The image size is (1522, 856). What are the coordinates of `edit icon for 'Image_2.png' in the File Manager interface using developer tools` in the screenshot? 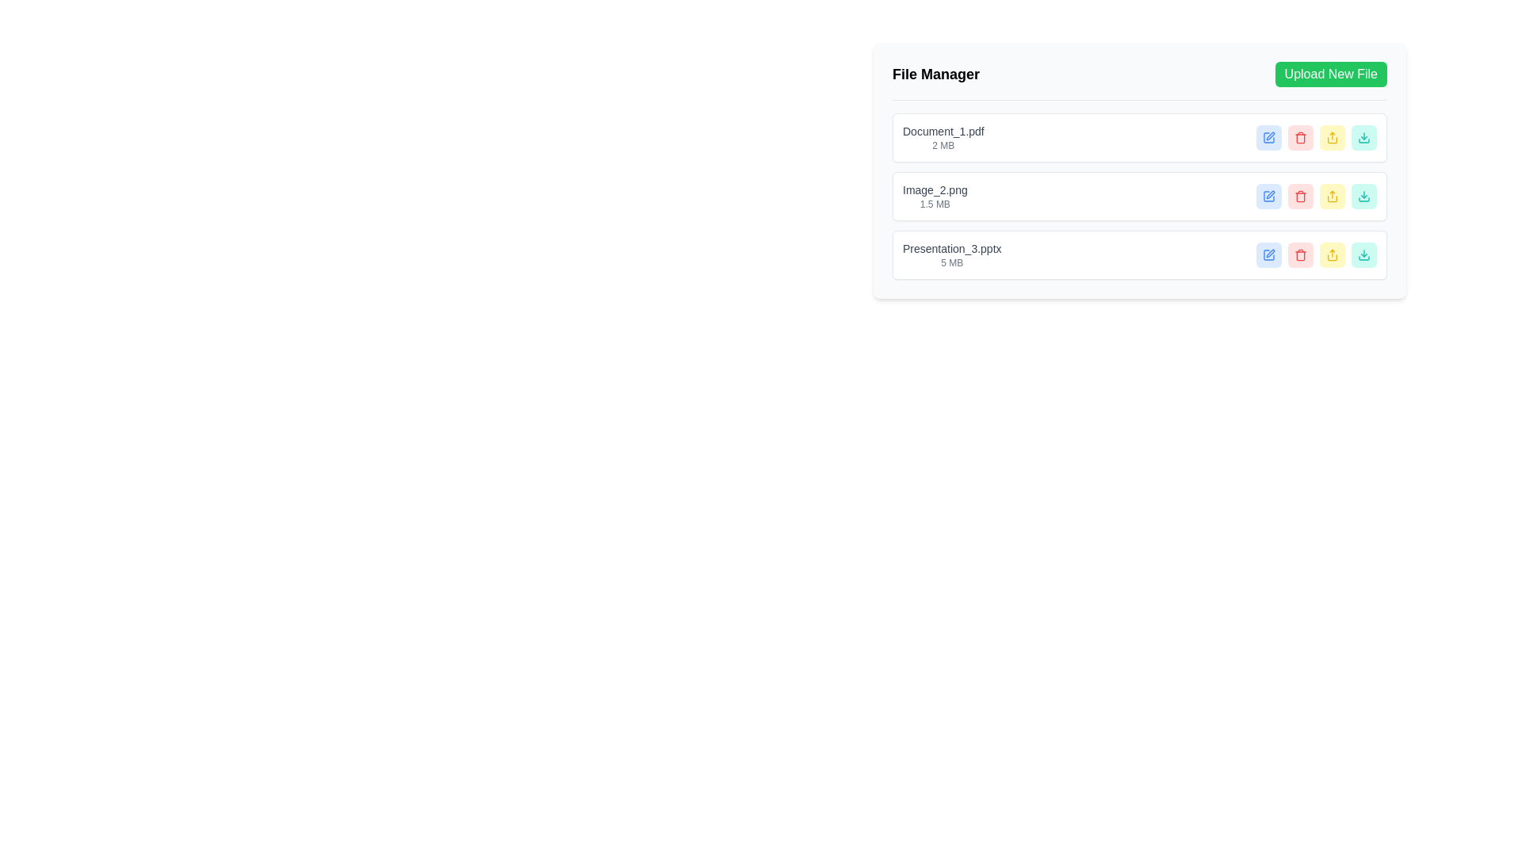 It's located at (1271, 194).